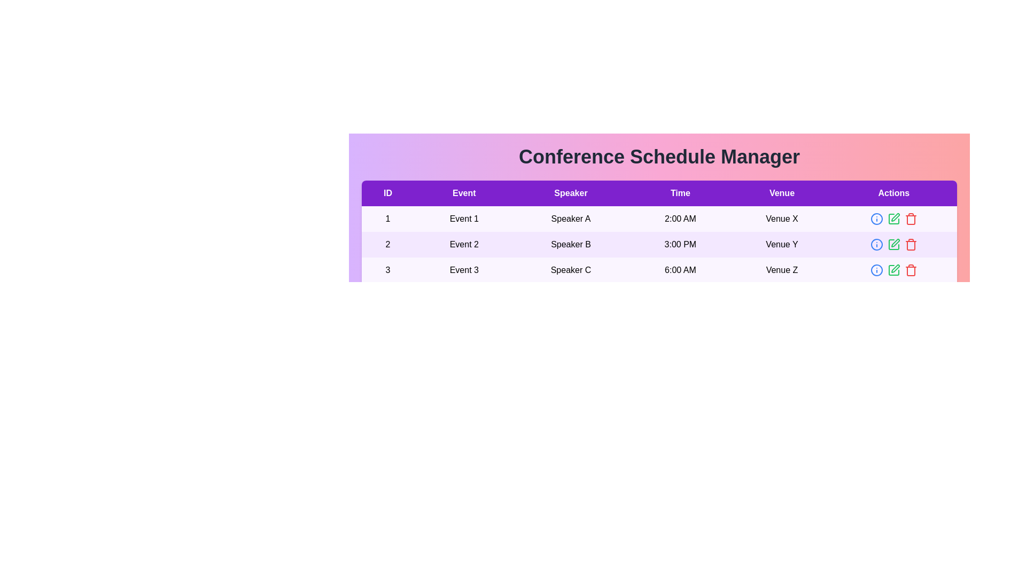 Image resolution: width=1026 pixels, height=577 pixels. I want to click on the row corresponding to 2, so click(658, 245).